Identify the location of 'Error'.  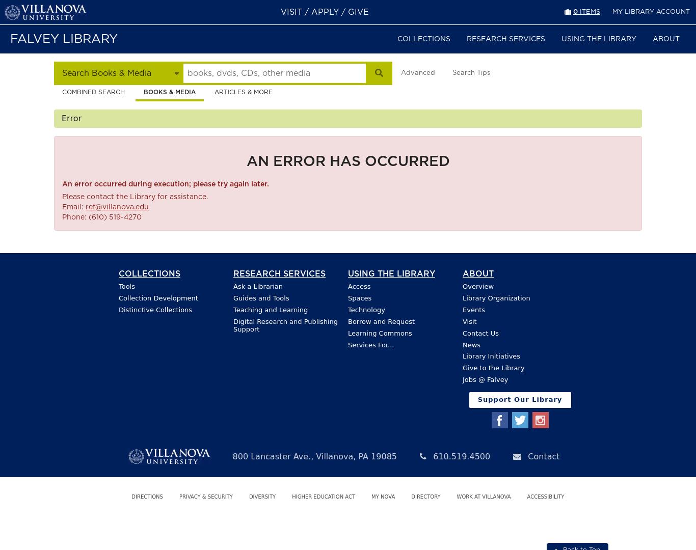
(71, 117).